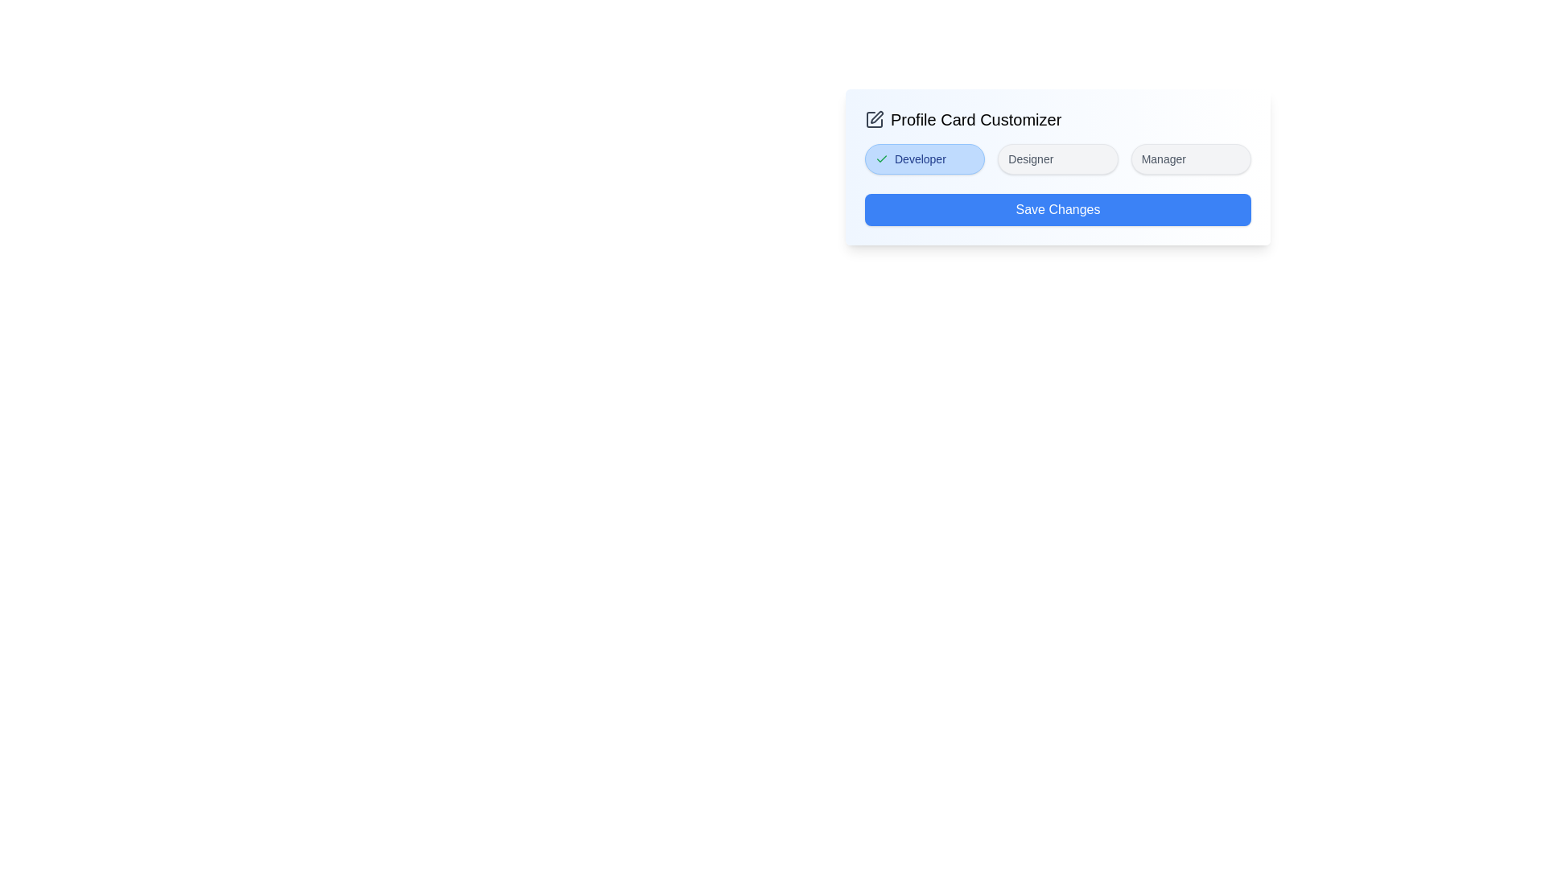 This screenshot has height=869, width=1545. What do you see at coordinates (925, 159) in the screenshot?
I see `the Developer tag to toggle its selection` at bounding box center [925, 159].